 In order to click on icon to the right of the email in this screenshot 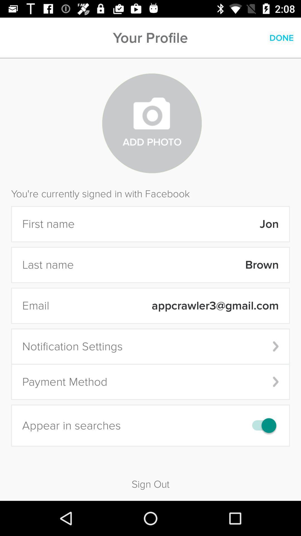, I will do `click(167, 305)`.